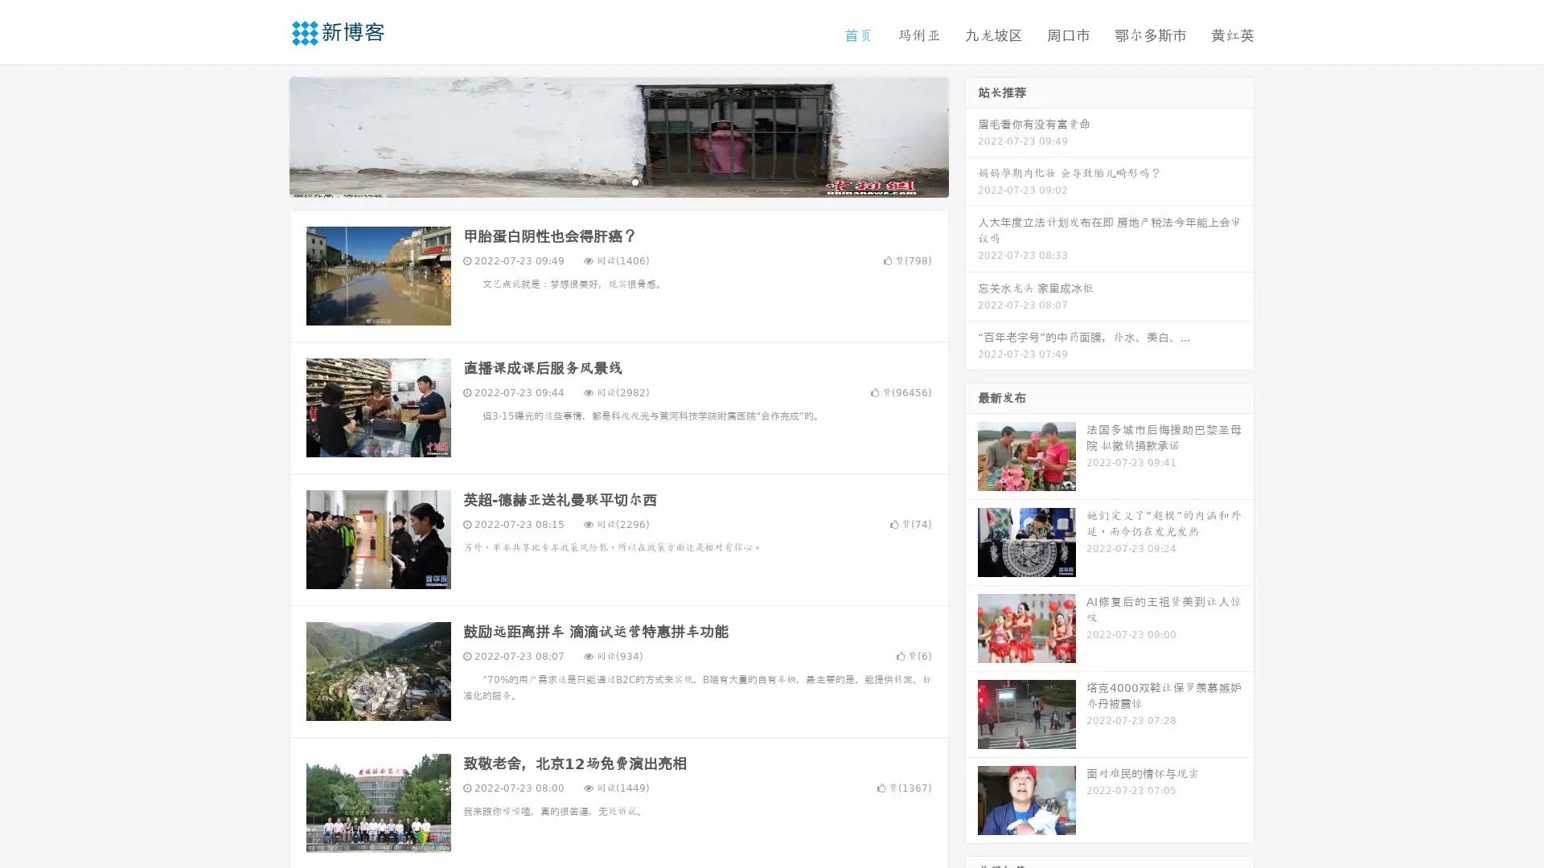 This screenshot has width=1544, height=868. I want to click on Next slide, so click(971, 135).